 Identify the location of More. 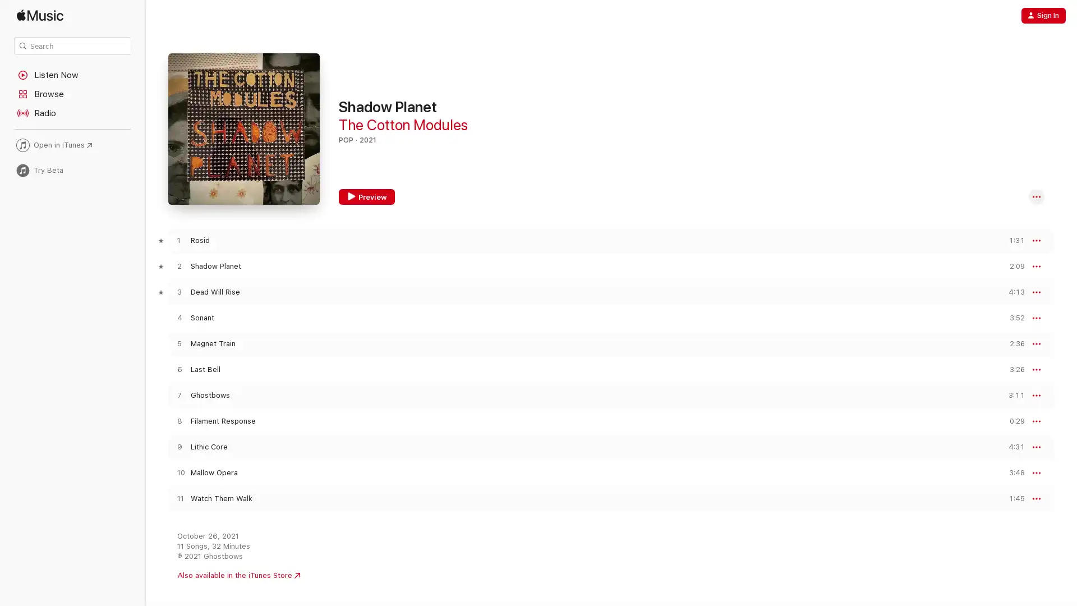
(1036, 318).